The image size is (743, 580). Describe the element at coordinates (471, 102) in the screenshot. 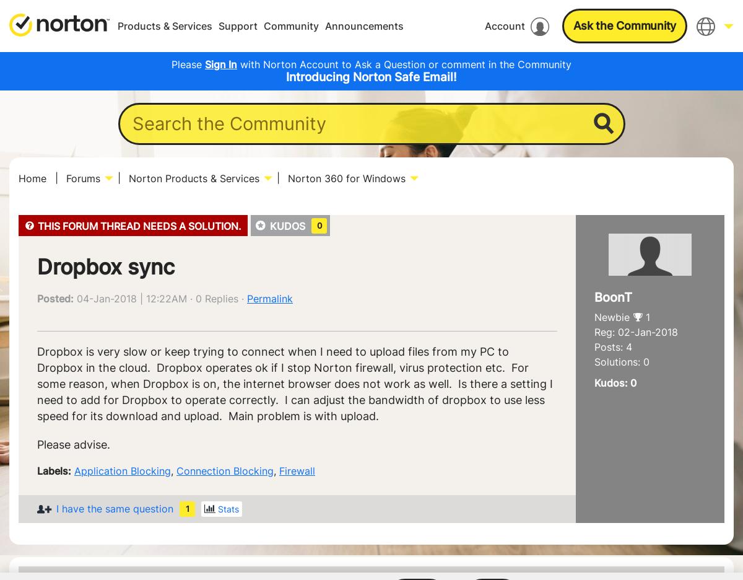

I see `'Create New Post'` at that location.